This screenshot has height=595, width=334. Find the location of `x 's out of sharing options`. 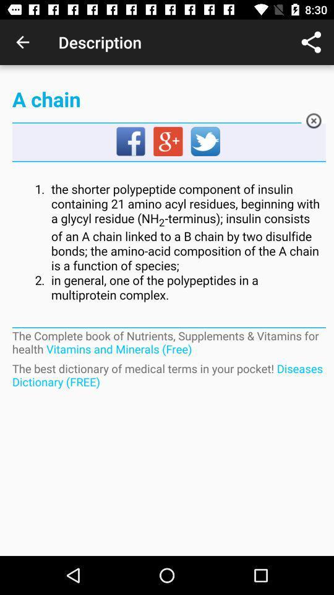

x 's out of sharing options is located at coordinates (314, 123).